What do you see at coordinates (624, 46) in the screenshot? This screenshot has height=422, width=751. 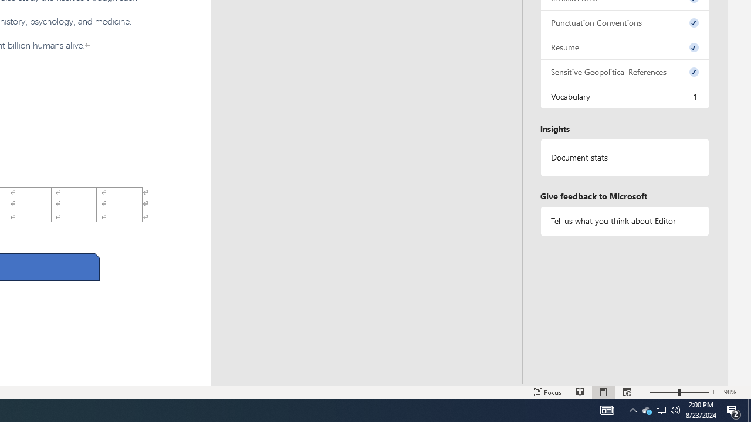 I see `'Resume, 0 issues. Press space or enter to review items.'` at bounding box center [624, 46].